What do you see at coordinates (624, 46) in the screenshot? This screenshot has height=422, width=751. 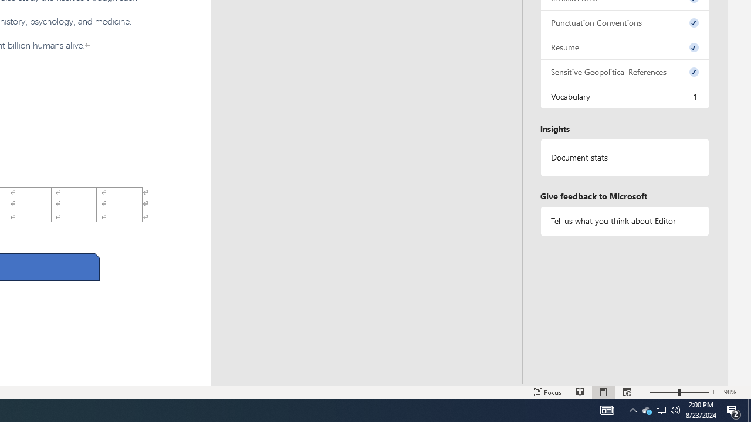 I see `'Resume, 0 issues. Press space or enter to review items.'` at bounding box center [624, 46].